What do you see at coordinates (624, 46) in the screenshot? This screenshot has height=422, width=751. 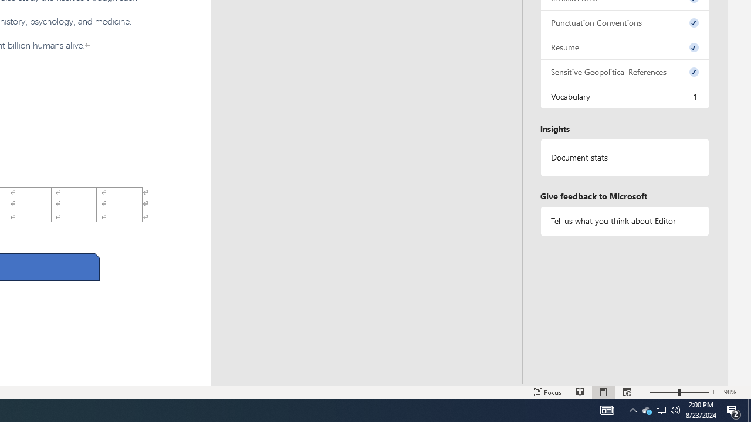 I see `'Resume, 0 issues. Press space or enter to review items.'` at bounding box center [624, 46].